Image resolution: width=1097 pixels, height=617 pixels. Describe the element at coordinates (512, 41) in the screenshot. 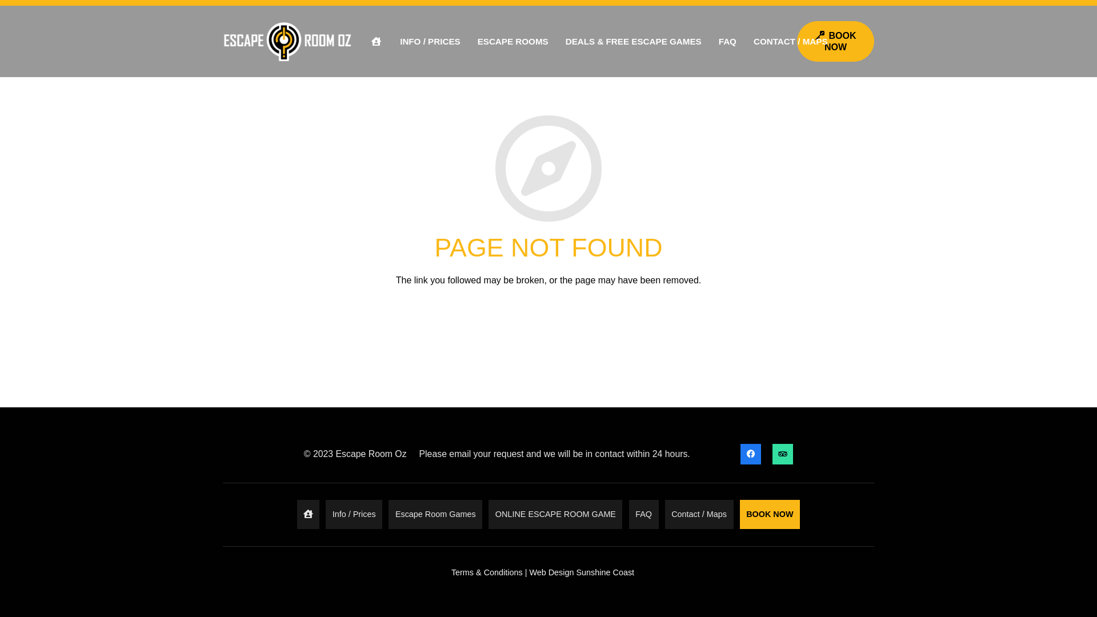

I see `'ESCAPE ROOMS'` at that location.